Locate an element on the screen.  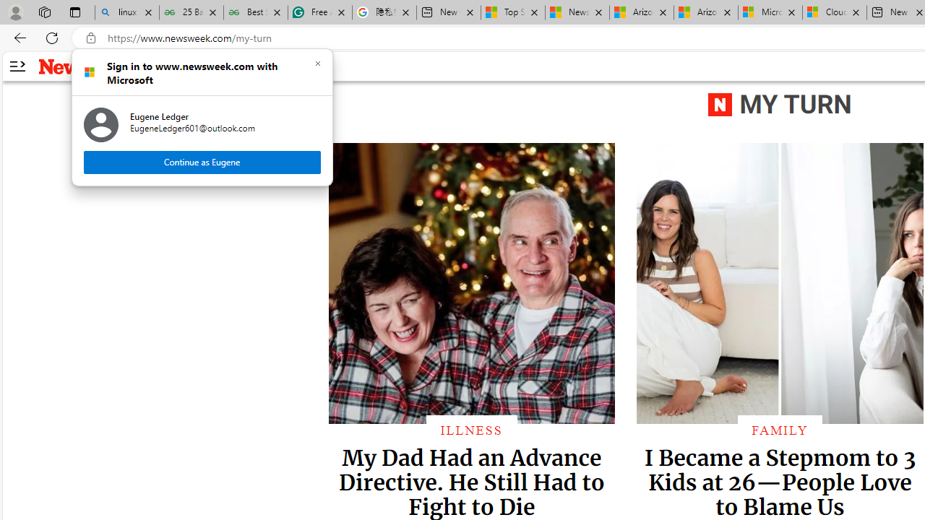
'Microsoft Services Agreement' is located at coordinates (769, 12).